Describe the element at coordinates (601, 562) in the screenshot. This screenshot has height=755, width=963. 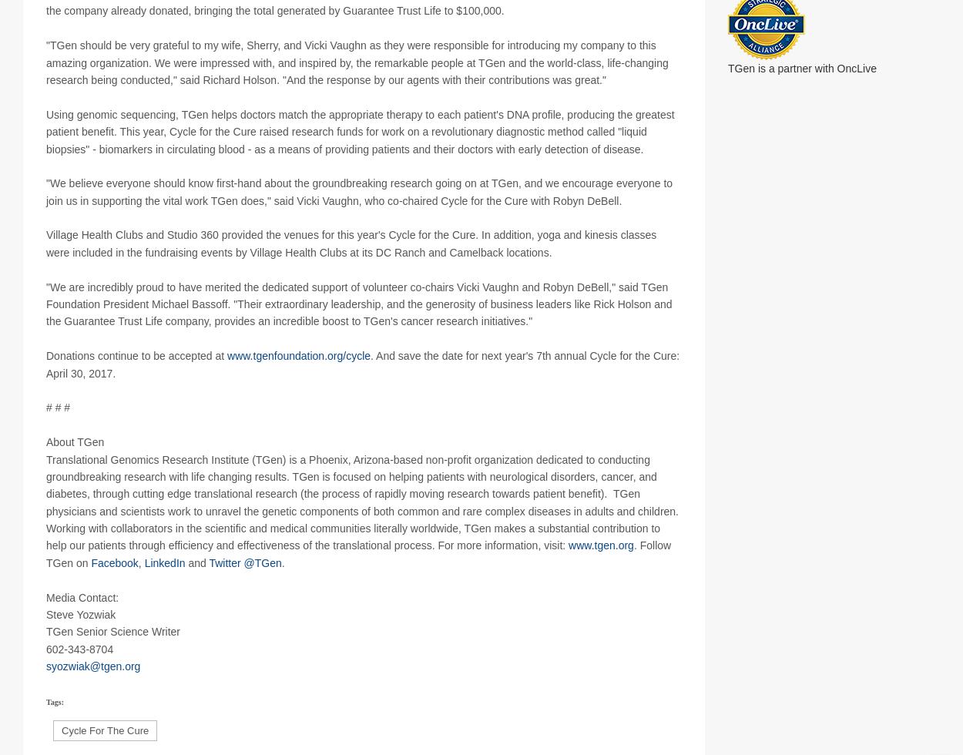
I see `'www.tgen.org'` at that location.